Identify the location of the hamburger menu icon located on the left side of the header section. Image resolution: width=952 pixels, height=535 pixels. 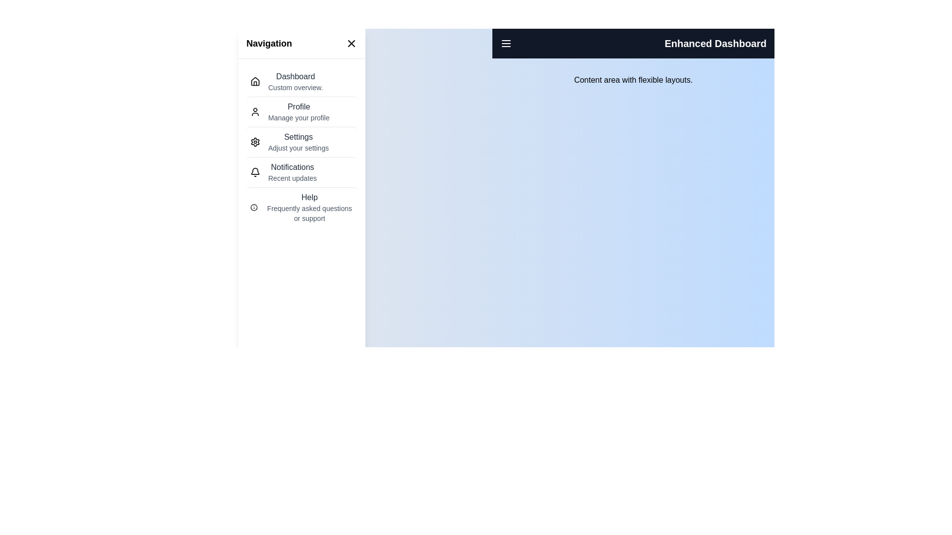
(506, 43).